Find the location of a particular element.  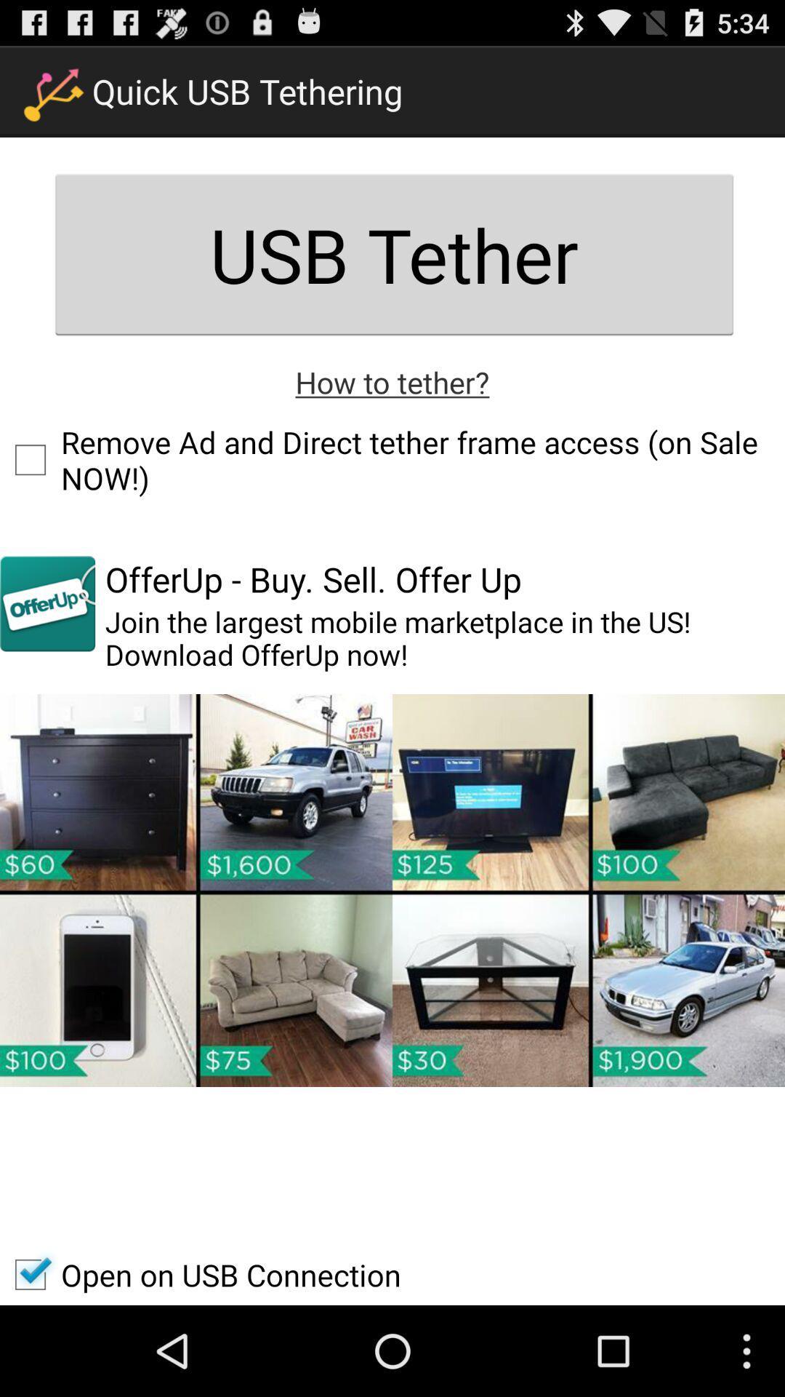

icon above the join the largest item is located at coordinates (313, 578).